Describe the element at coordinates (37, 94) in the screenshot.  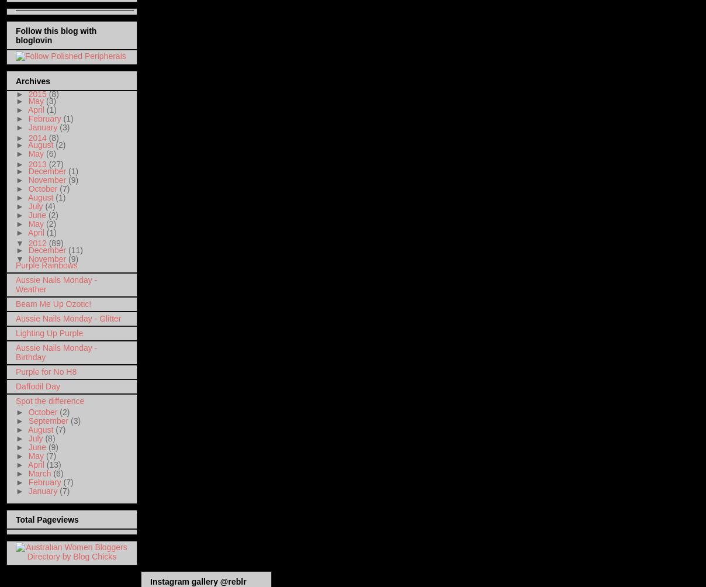
I see `'2015'` at that location.